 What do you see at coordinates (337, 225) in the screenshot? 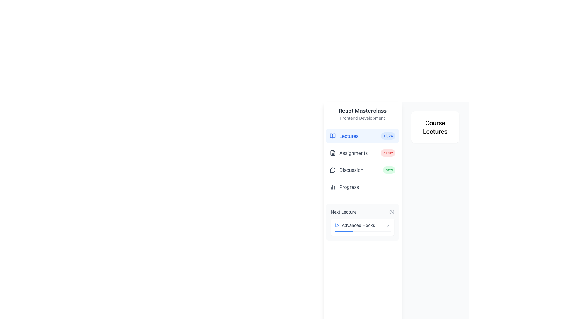
I see `the triangular play icon button, styled with a blue fill, located near the lower center of the interactive panel next to the 'Advanced Hooks' text under the 'Next Lecture' section to play or start the associated action` at bounding box center [337, 225].